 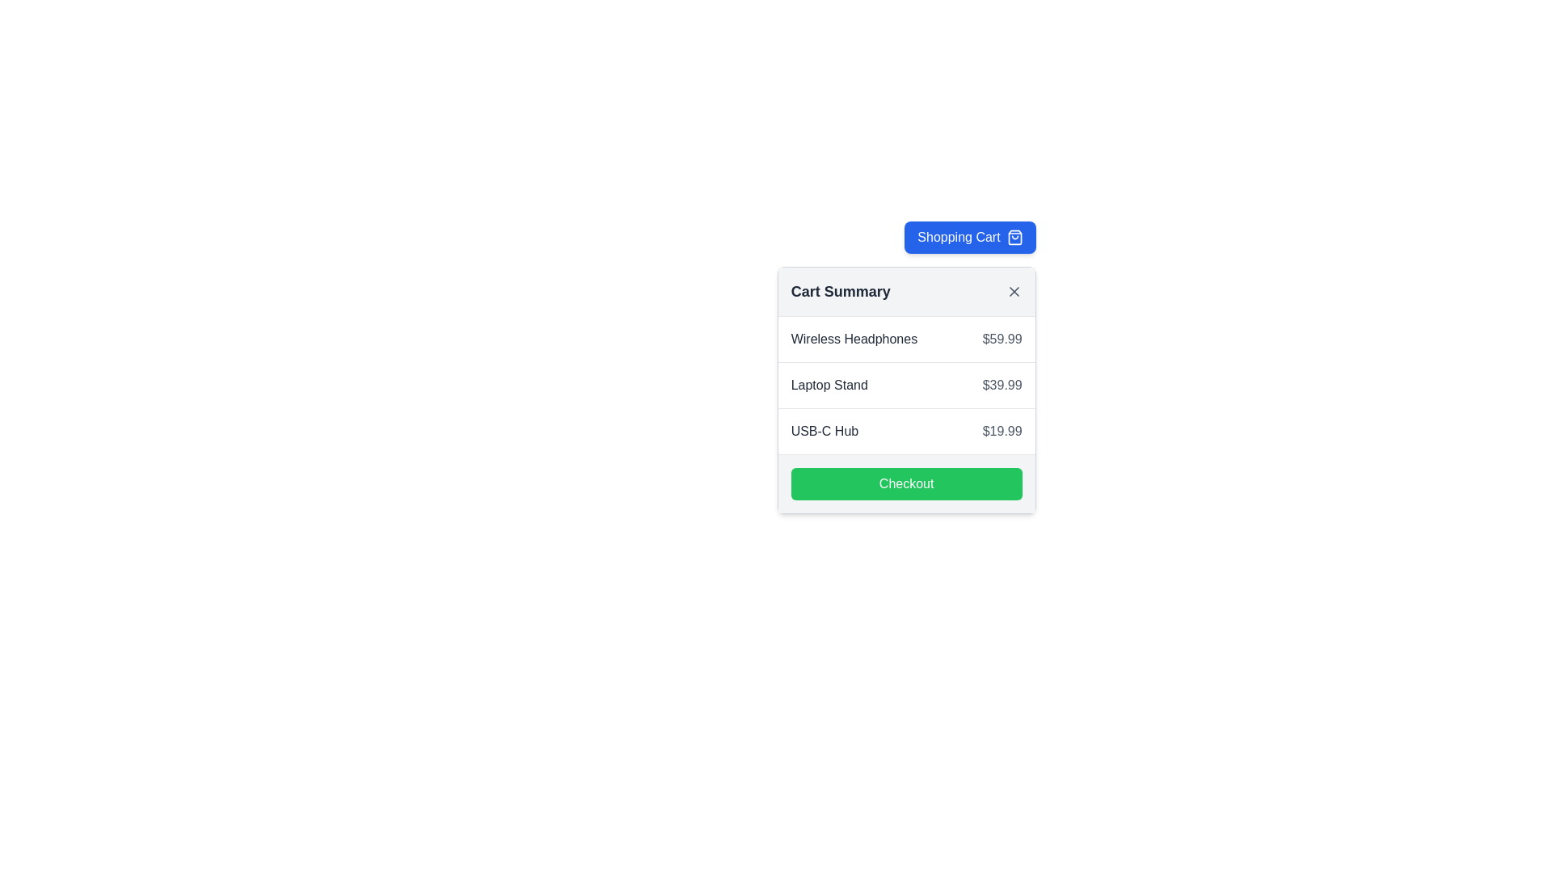 I want to click on the first item in the shopping cart overview that displays the product name and price, located below the 'Cart Summary' heading, so click(x=906, y=339).